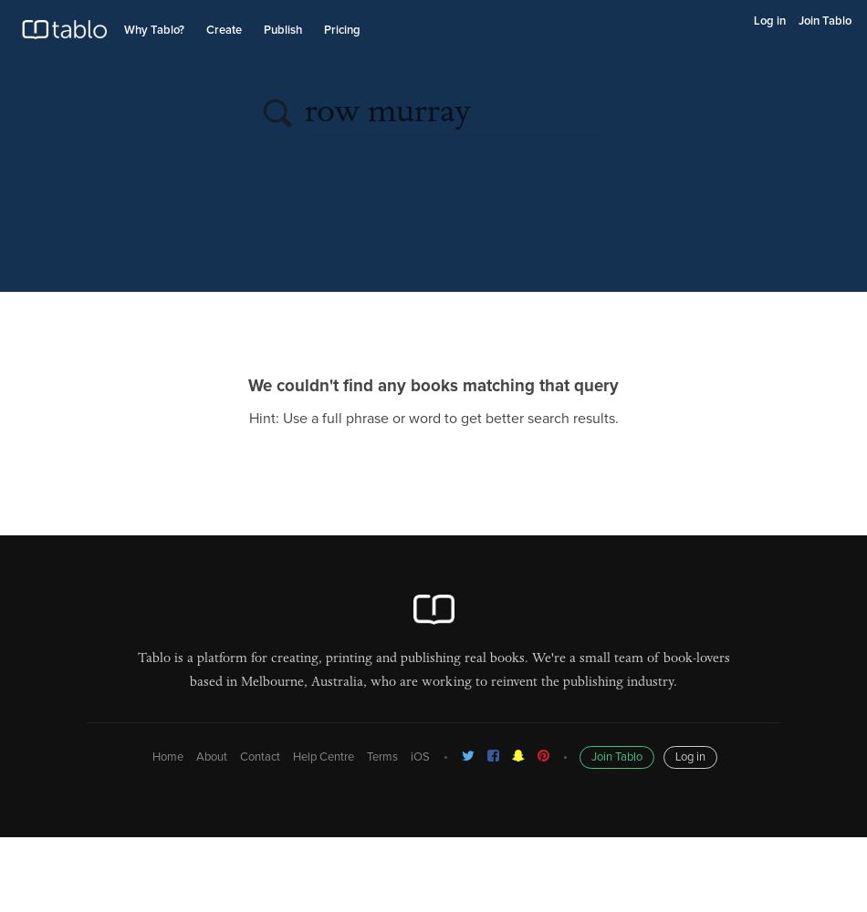 The width and height of the screenshot is (867, 912). What do you see at coordinates (321, 756) in the screenshot?
I see `'Help Centre'` at bounding box center [321, 756].